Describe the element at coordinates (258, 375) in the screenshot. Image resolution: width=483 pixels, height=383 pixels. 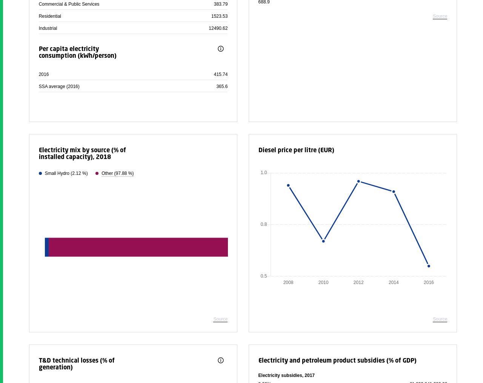
I see `'Electricity subsidies, 2017'` at that location.